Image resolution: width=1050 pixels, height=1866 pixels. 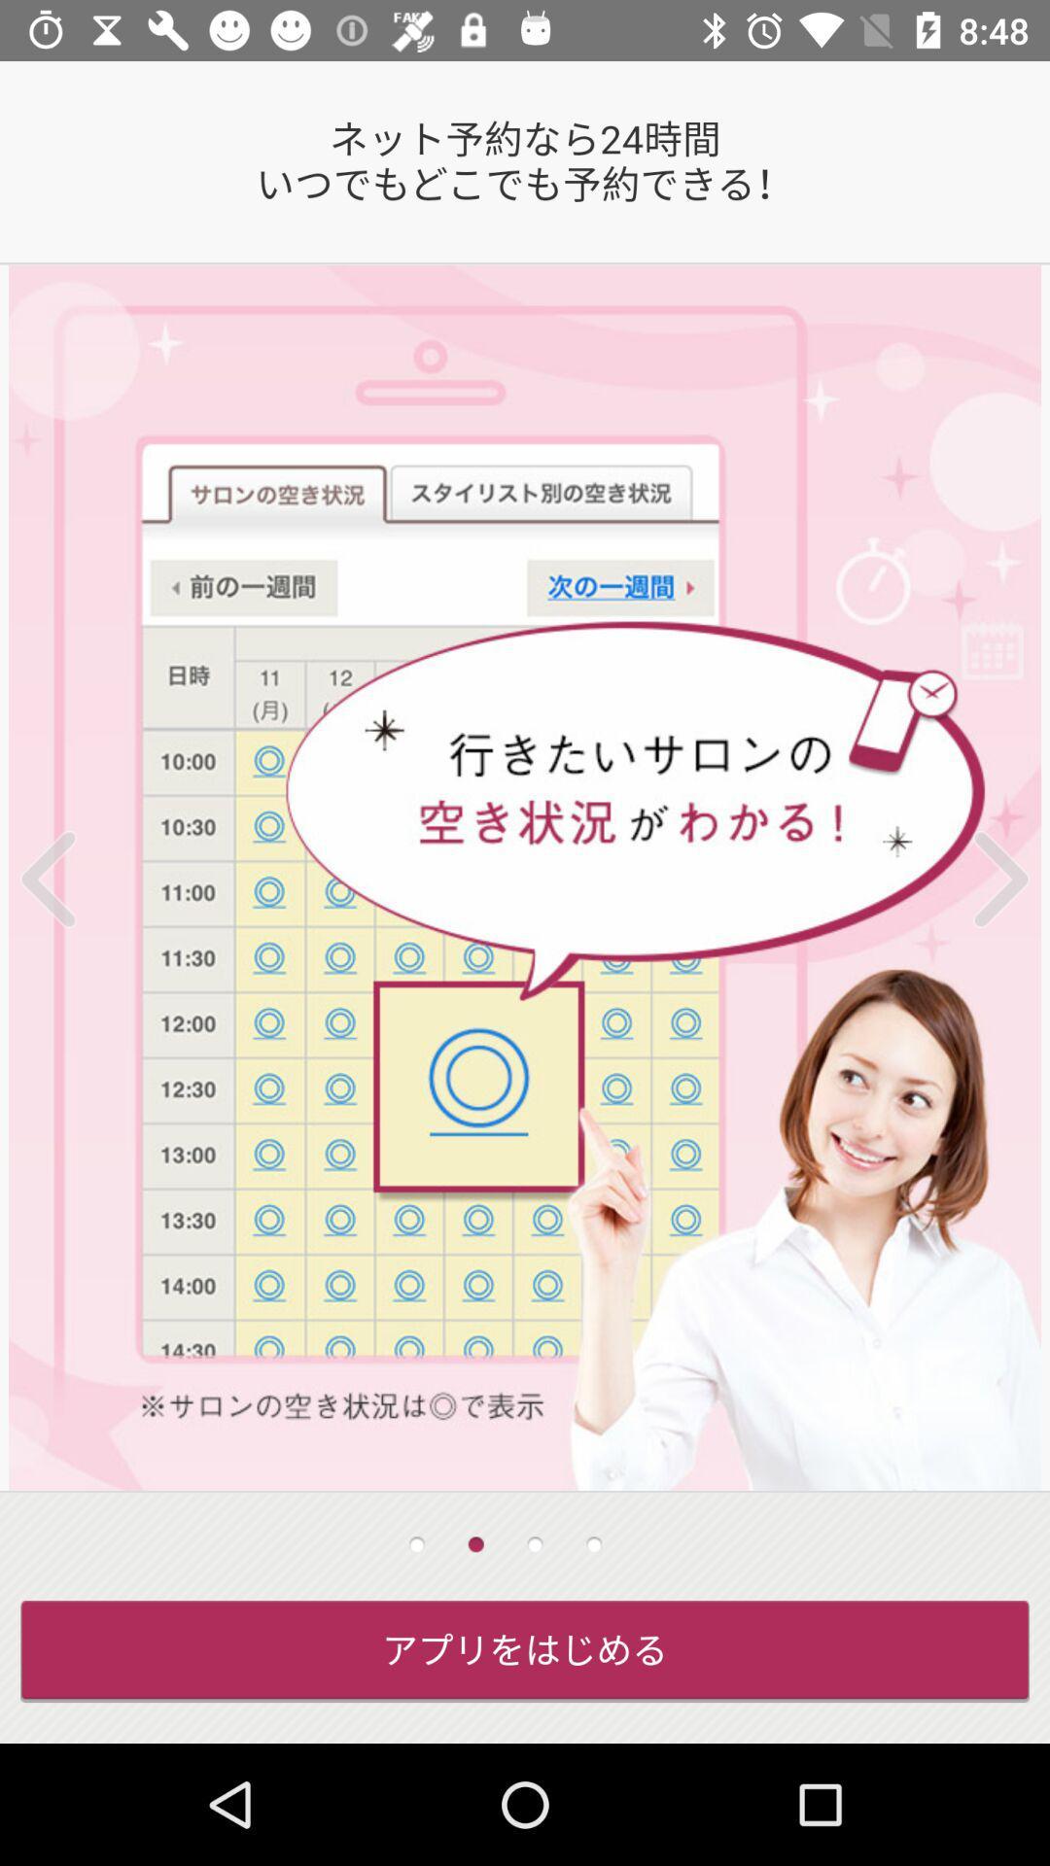 What do you see at coordinates (975, 878) in the screenshot?
I see `icon on the right` at bounding box center [975, 878].